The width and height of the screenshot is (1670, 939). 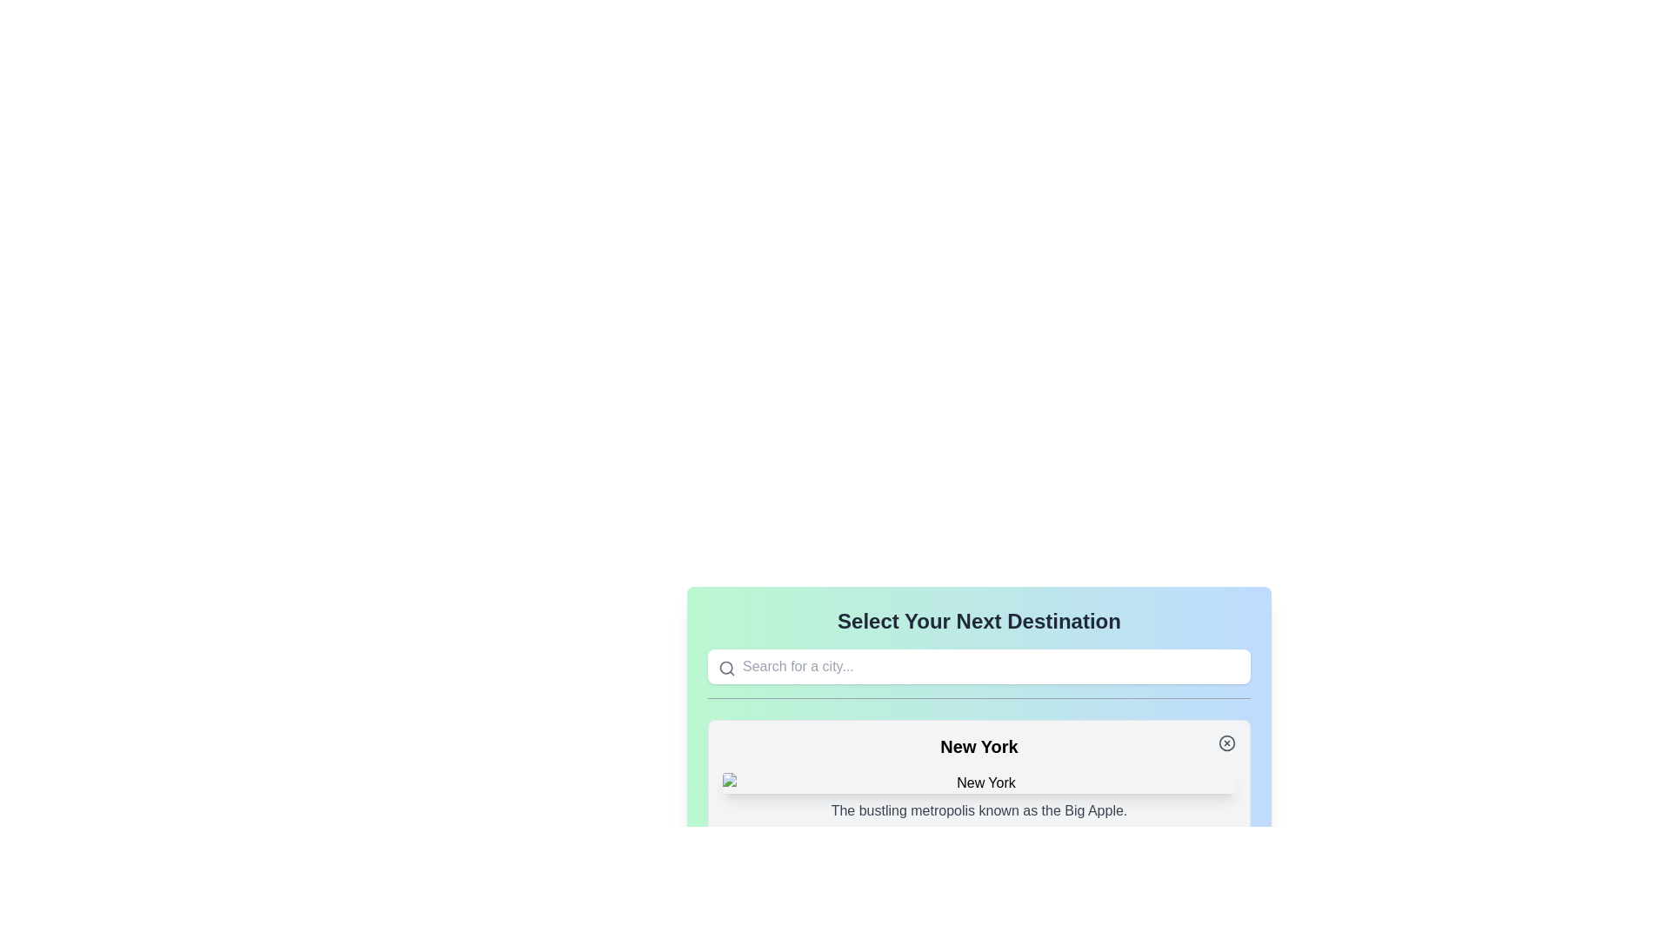 I want to click on the bold text label that reads 'New York', which is positioned centrally above a description of the city and appears in a large font size with extra bold weight, so click(x=979, y=746).